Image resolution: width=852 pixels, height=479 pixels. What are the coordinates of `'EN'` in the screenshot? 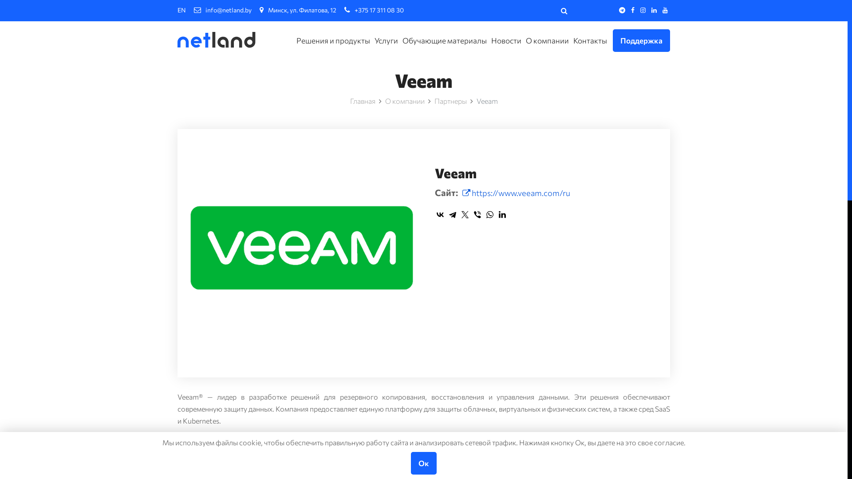 It's located at (181, 10).